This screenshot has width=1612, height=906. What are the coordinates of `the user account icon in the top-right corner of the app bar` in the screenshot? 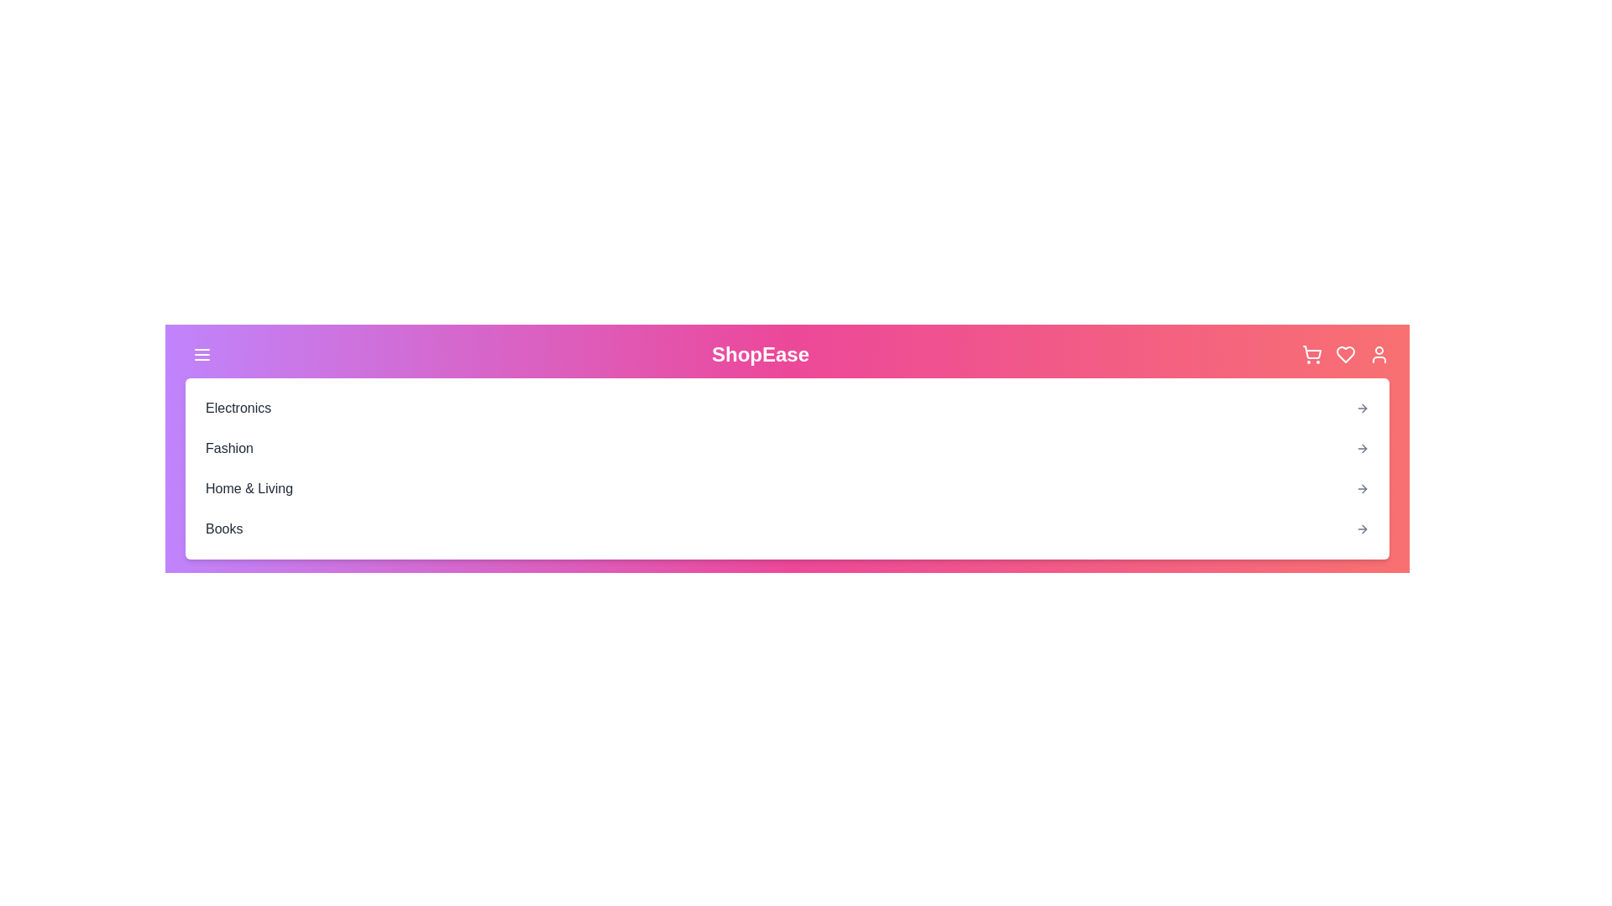 It's located at (1379, 354).